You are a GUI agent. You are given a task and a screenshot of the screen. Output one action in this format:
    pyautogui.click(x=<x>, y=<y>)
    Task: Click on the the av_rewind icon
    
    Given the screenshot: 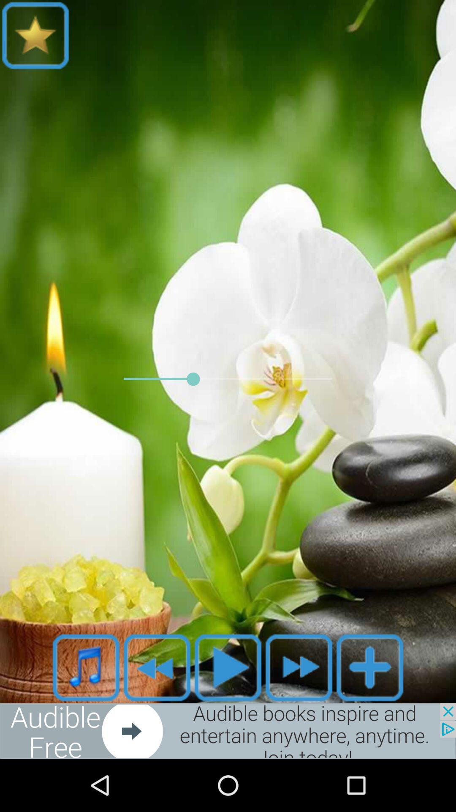 What is the action you would take?
    pyautogui.click(x=157, y=667)
    